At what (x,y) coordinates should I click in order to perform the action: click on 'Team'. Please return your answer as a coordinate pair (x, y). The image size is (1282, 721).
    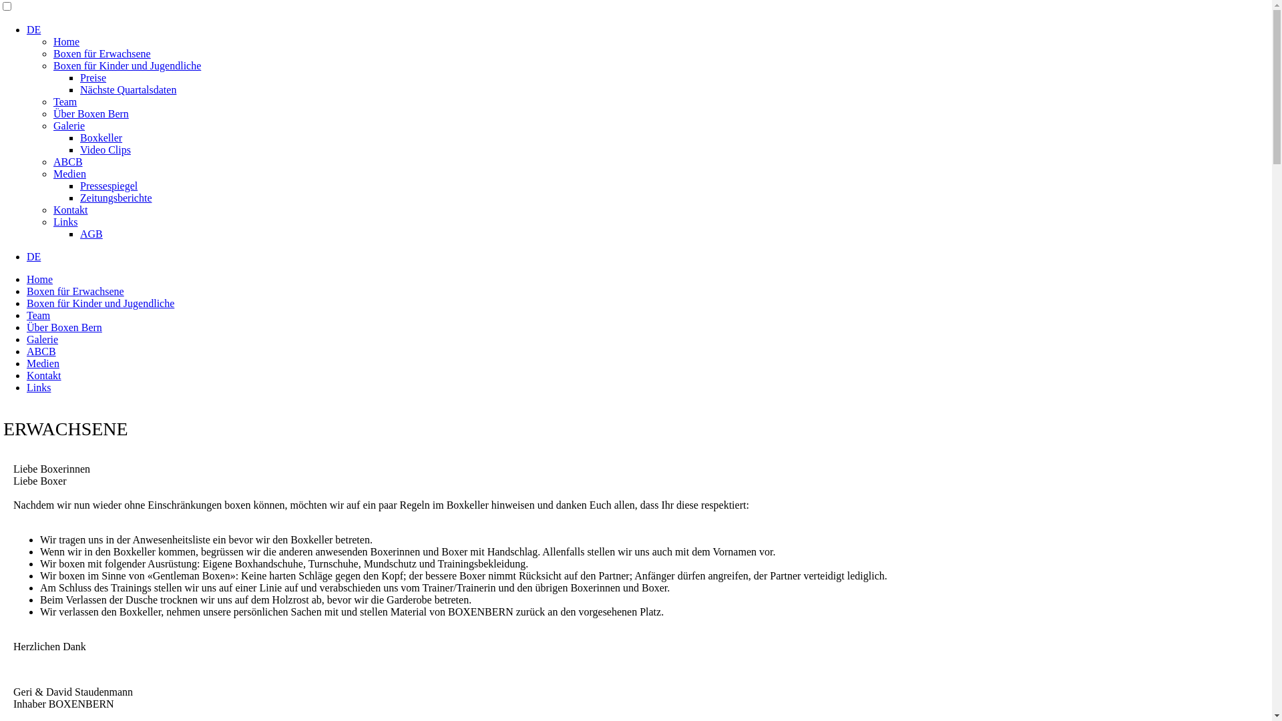
    Looking at the image, I should click on (38, 315).